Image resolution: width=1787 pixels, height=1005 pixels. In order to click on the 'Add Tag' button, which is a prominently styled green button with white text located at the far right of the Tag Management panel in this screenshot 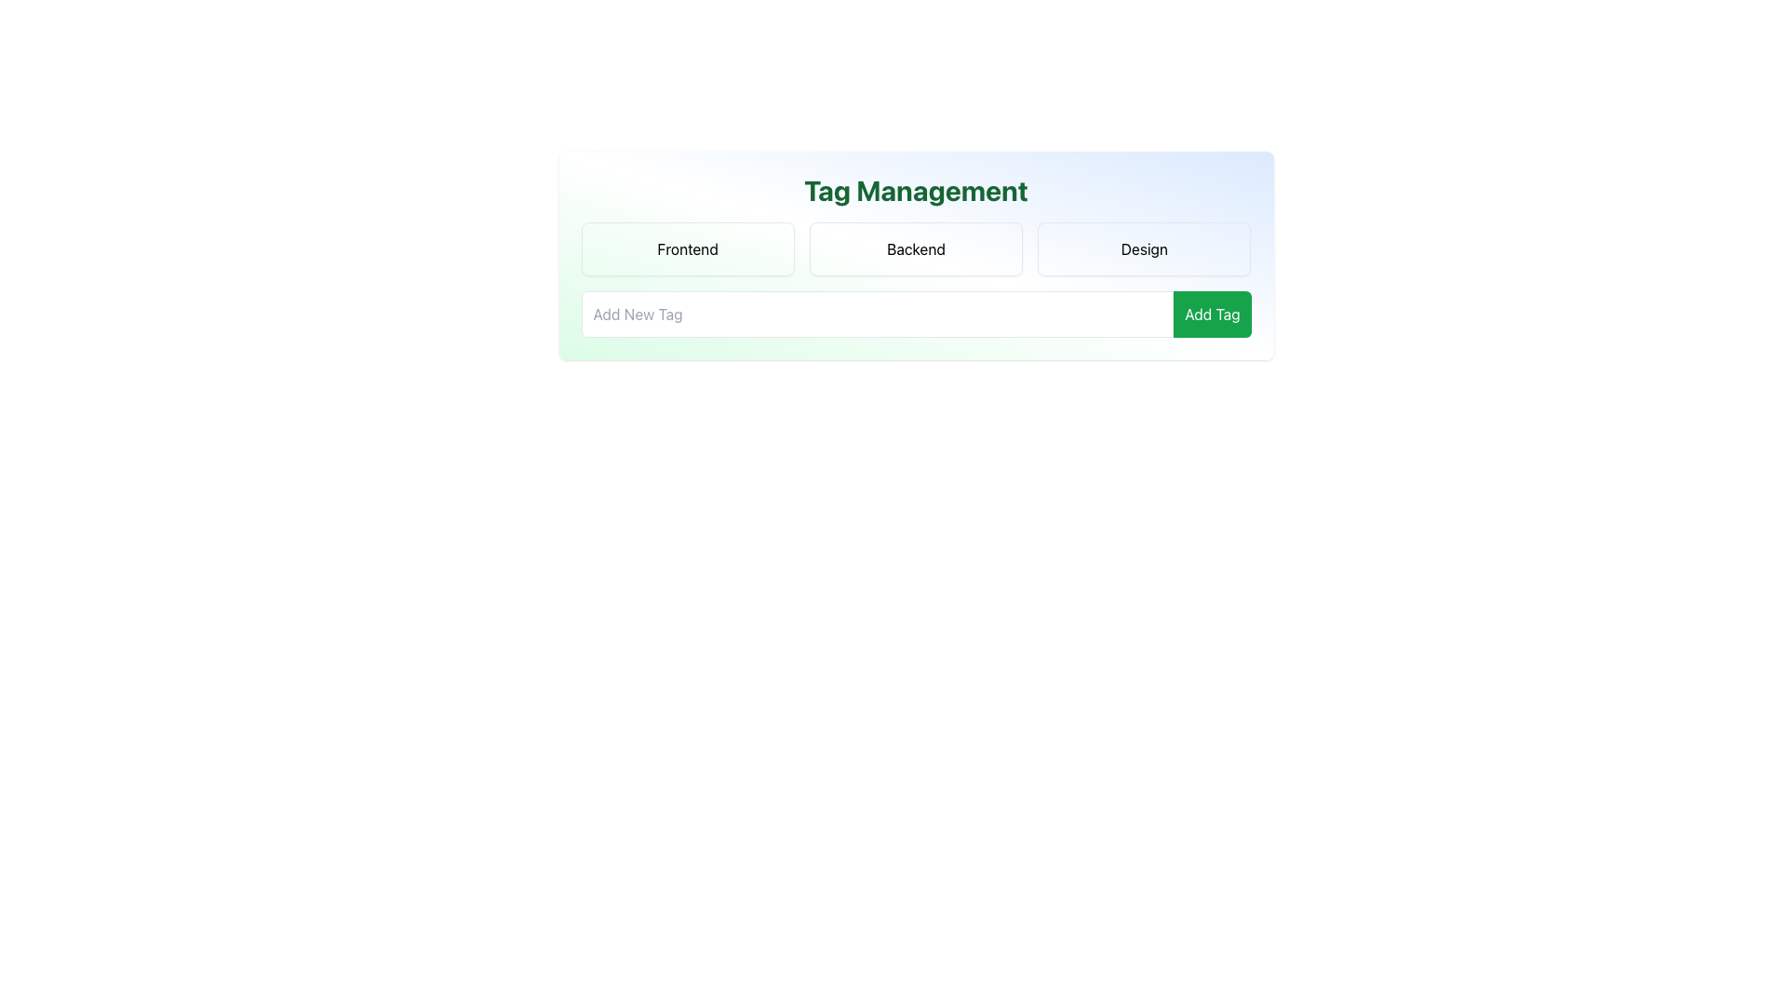, I will do `click(1212, 314)`.